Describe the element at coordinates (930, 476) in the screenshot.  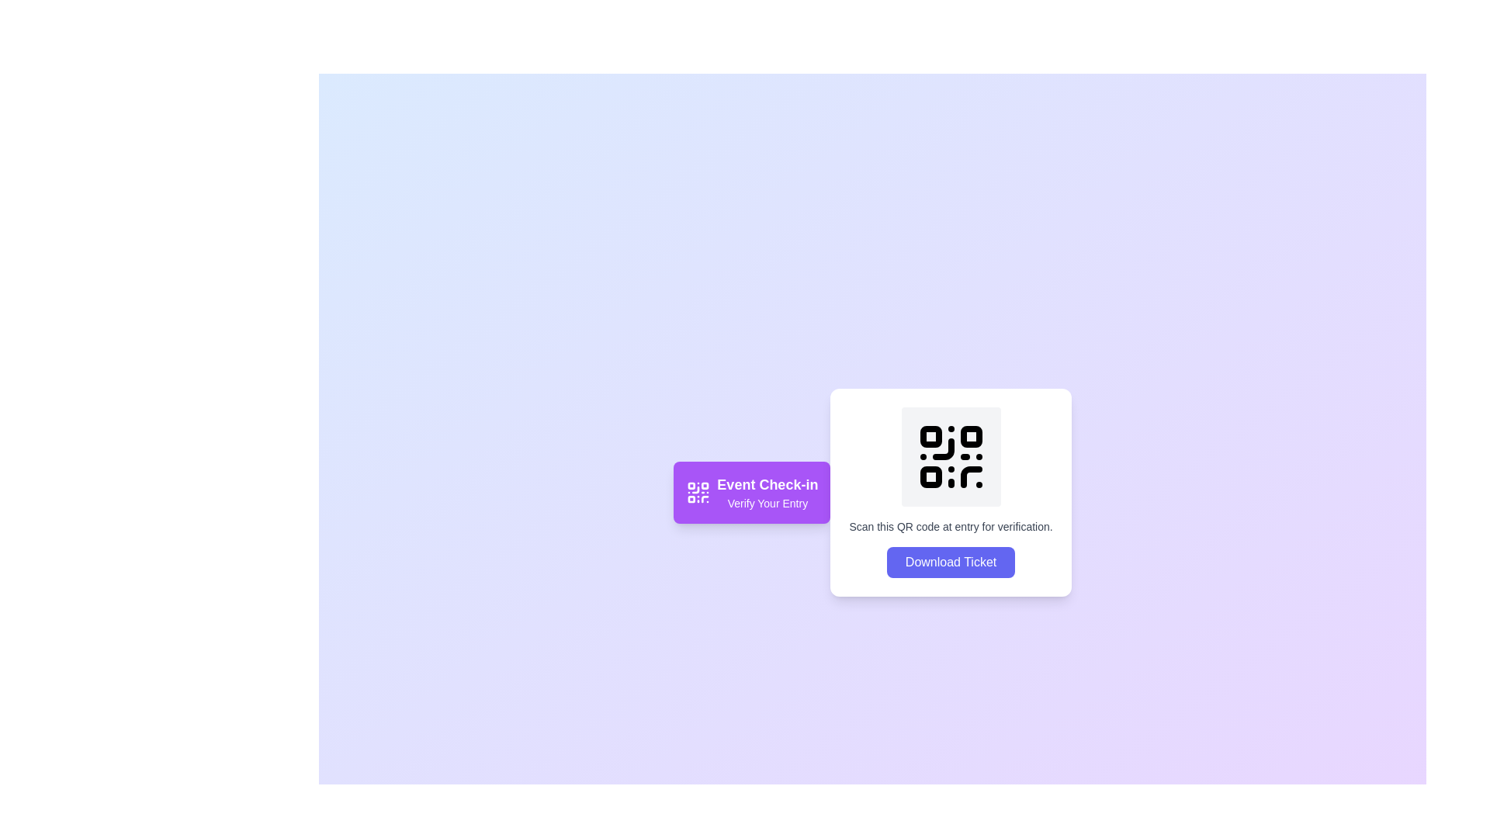
I see `attention on the small rounded square component in the lower-left corner of the central QR code module by moving the mouse to its center point` at that location.